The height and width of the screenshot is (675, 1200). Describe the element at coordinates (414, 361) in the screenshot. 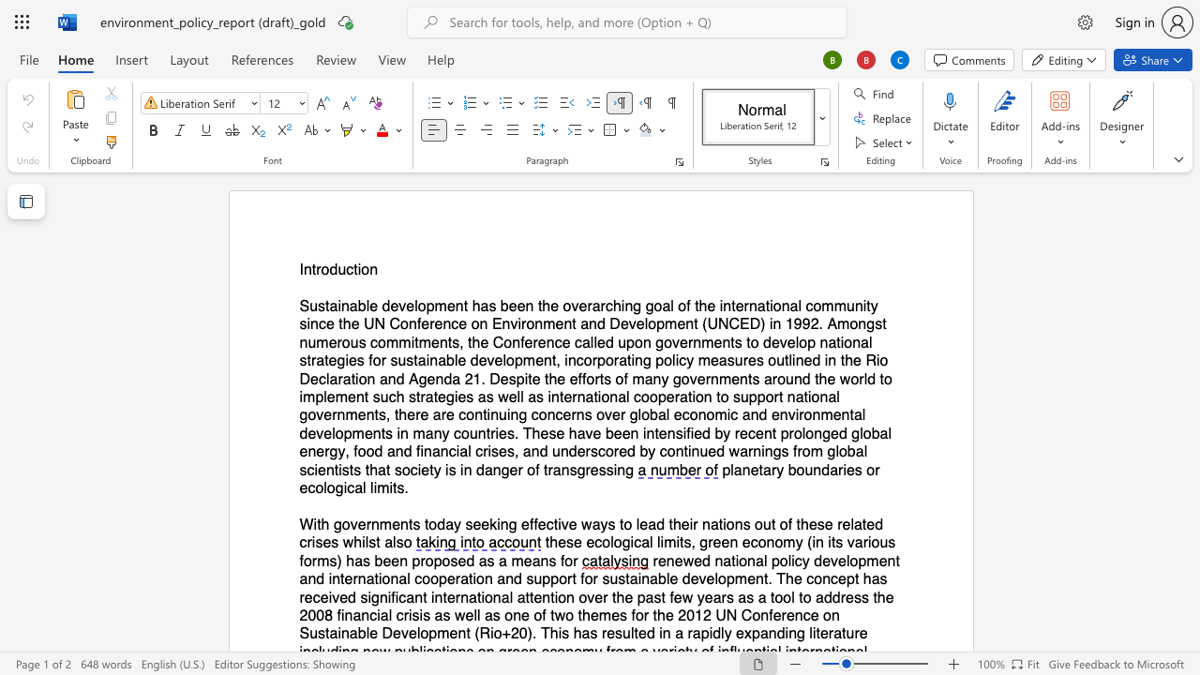

I see `the 9th character "t" in the text` at that location.